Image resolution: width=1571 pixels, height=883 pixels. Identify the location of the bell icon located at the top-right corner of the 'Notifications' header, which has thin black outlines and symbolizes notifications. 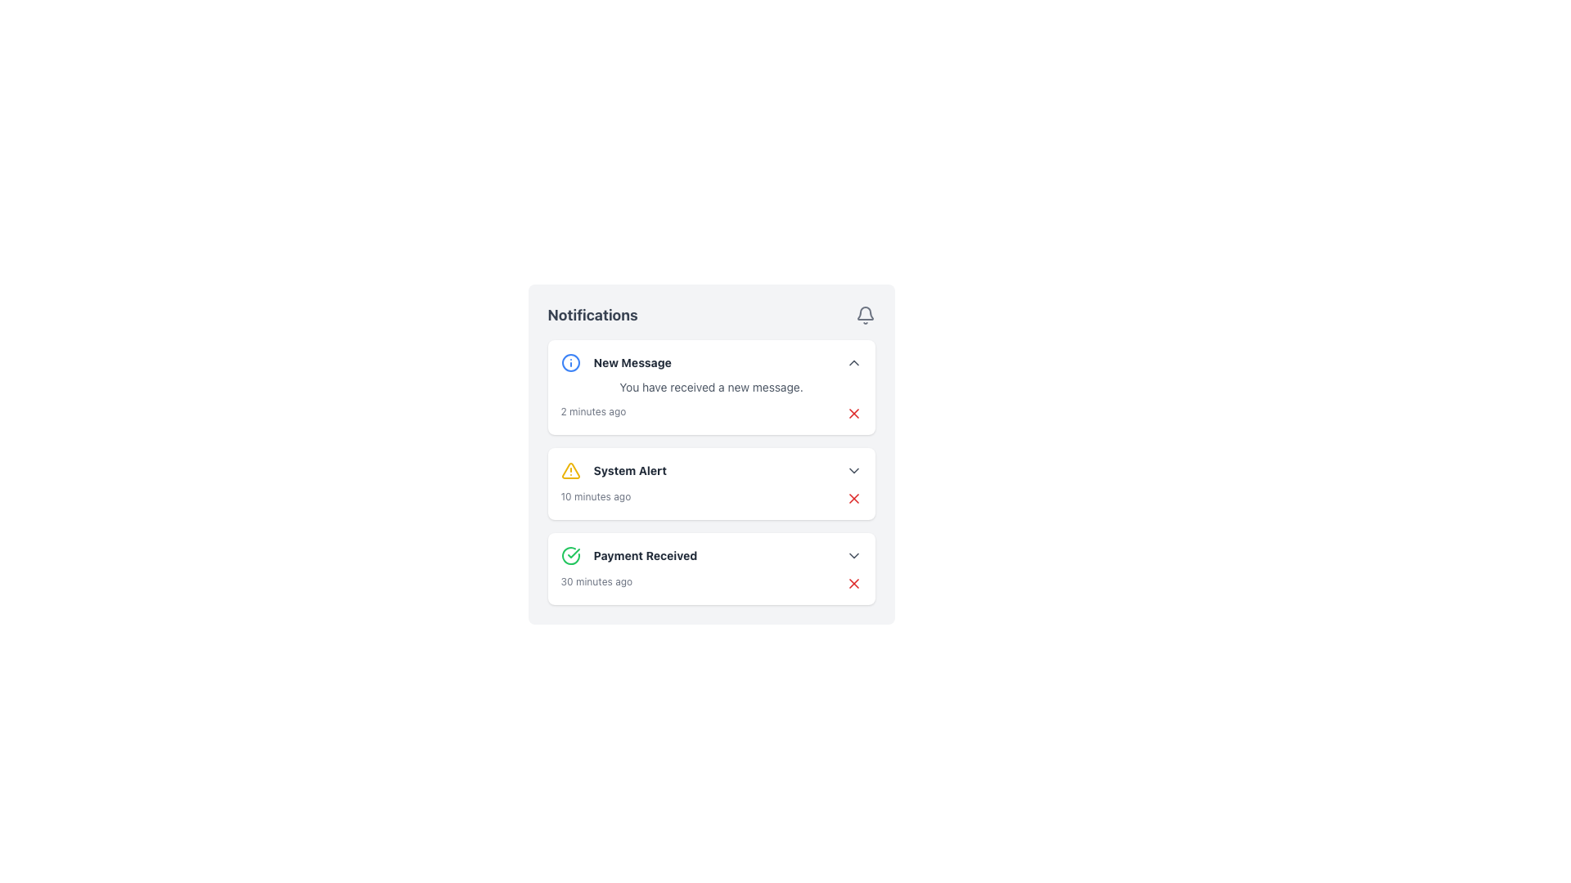
(864, 315).